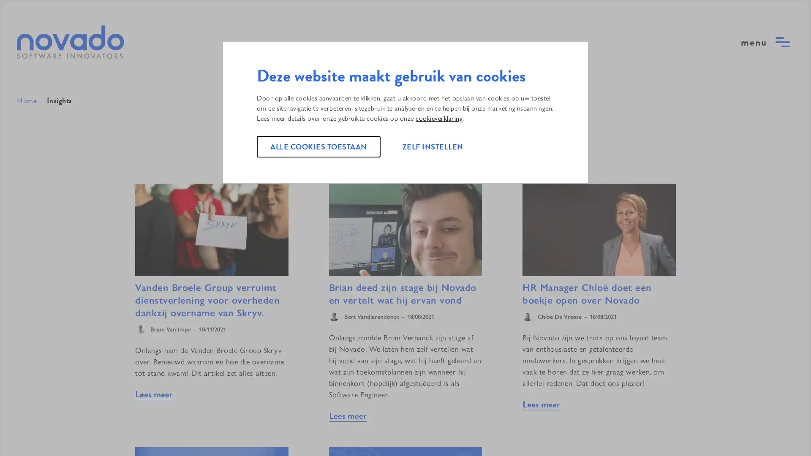 Image resolution: width=811 pixels, height=456 pixels. I want to click on ALLE COOKIES TOESTAAN, so click(318, 146).